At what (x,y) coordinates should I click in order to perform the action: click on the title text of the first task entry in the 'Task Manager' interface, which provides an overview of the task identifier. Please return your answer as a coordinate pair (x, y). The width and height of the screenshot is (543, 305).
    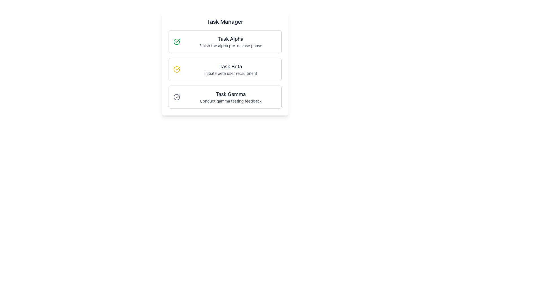
    Looking at the image, I should click on (231, 39).